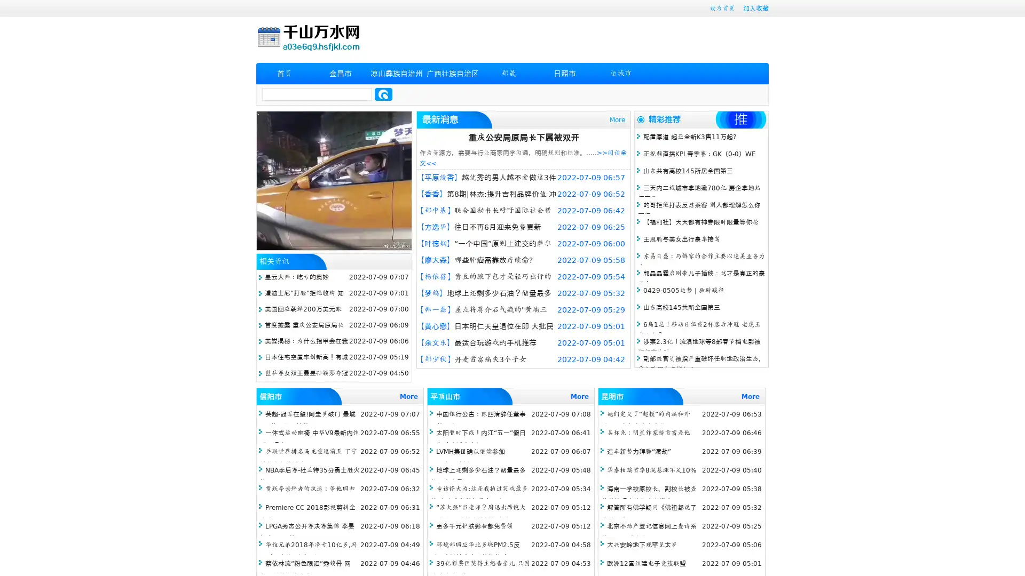  Describe the element at coordinates (383, 94) in the screenshot. I see `Search` at that location.